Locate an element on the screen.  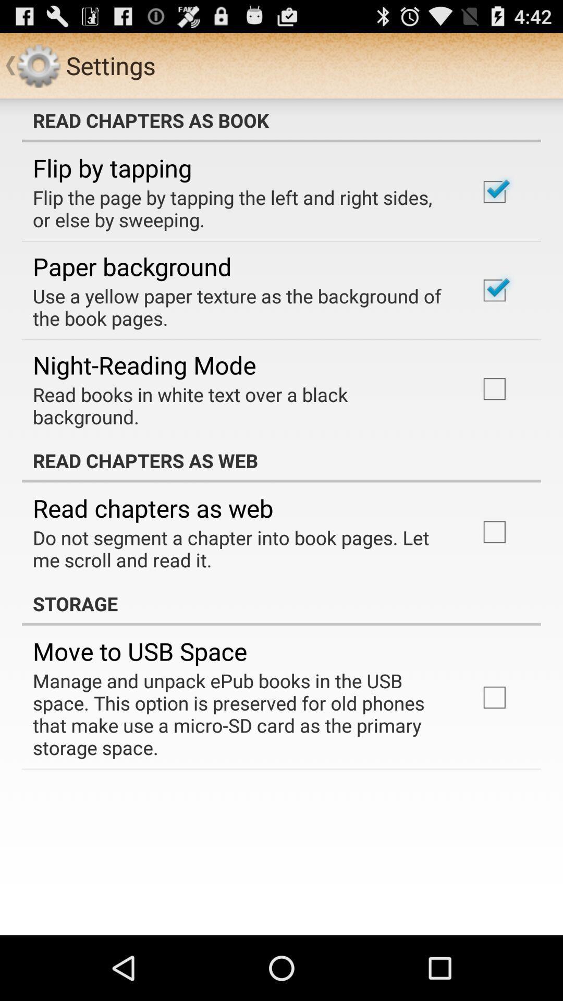
item below storage icon is located at coordinates (139, 651).